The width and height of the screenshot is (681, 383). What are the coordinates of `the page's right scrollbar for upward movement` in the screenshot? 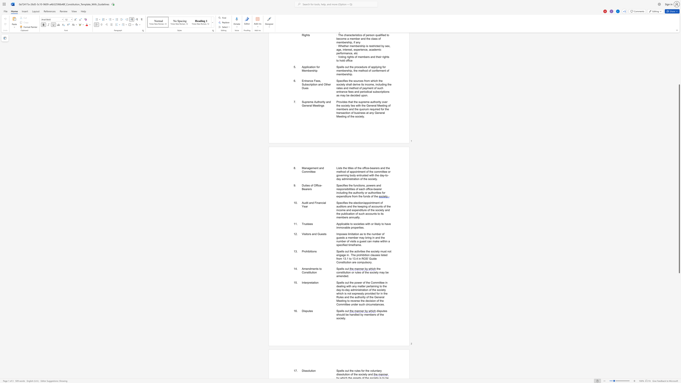 It's located at (679, 74).